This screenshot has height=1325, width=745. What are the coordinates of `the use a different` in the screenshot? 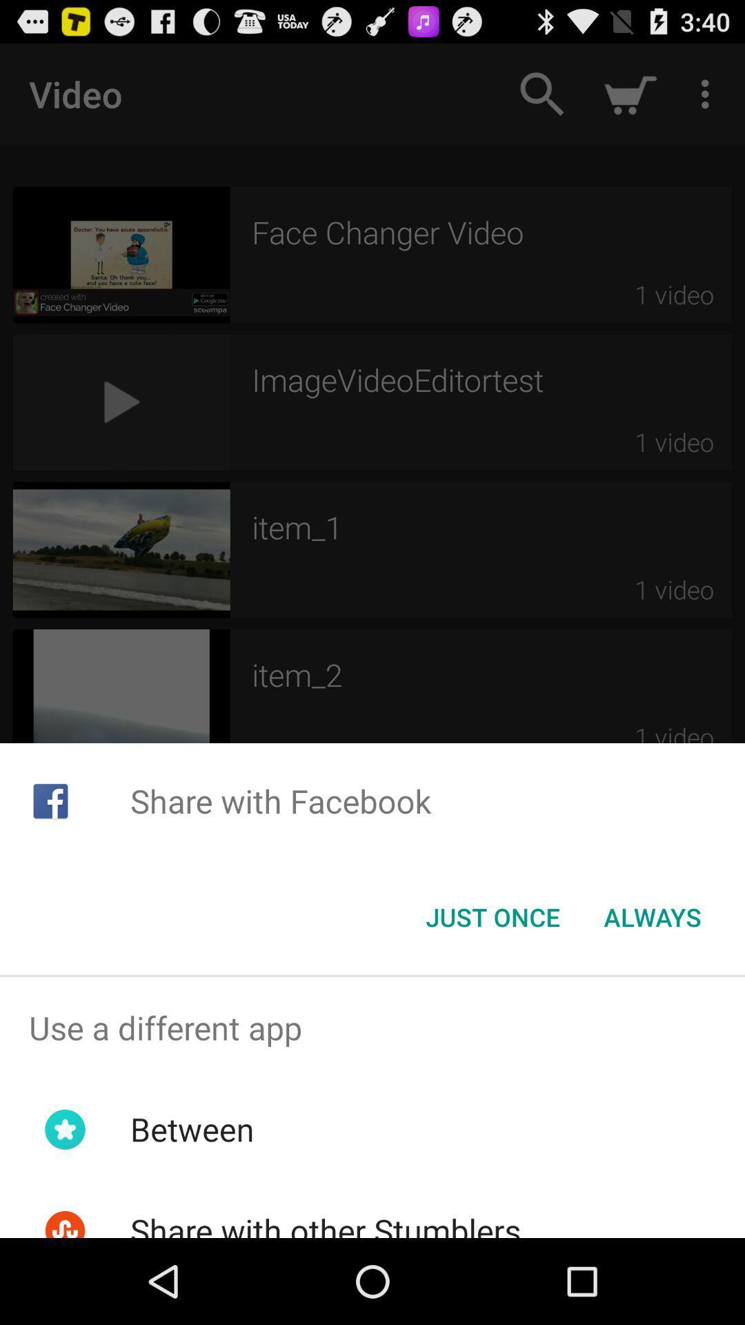 It's located at (372, 1028).